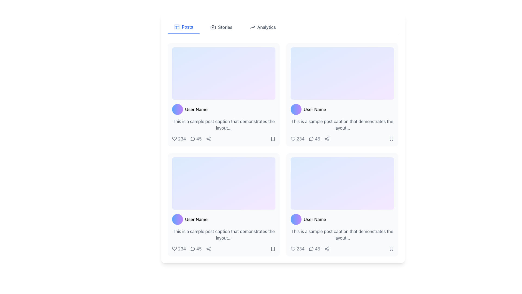 The image size is (522, 294). I want to click on the interactive icons in the informational display area that shows interaction statistics, located below the sample post caption, so click(223, 138).